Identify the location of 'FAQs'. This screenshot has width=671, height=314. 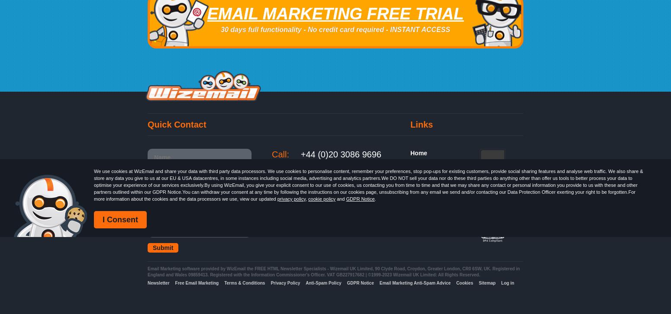
(417, 189).